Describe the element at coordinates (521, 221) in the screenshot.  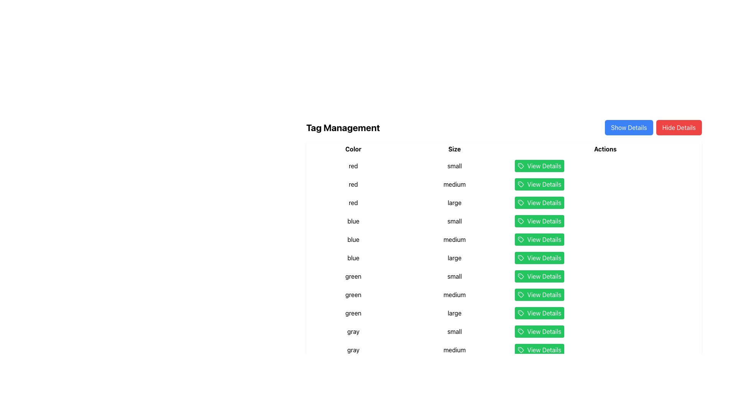
I see `the SVG decorative icon for the 'View Details' button in the fifth row of the table` at that location.